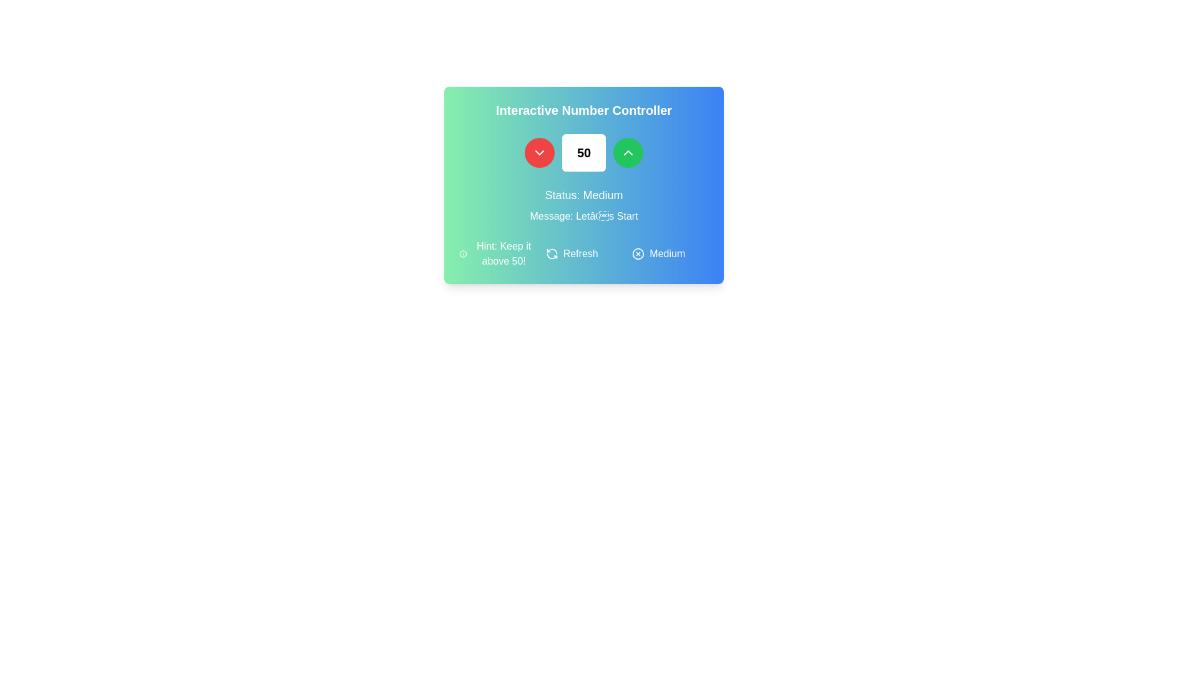 This screenshot has height=674, width=1198. I want to click on the text 'Medium' with the adjacent icon resembling a circle with an 'X', so click(670, 253).